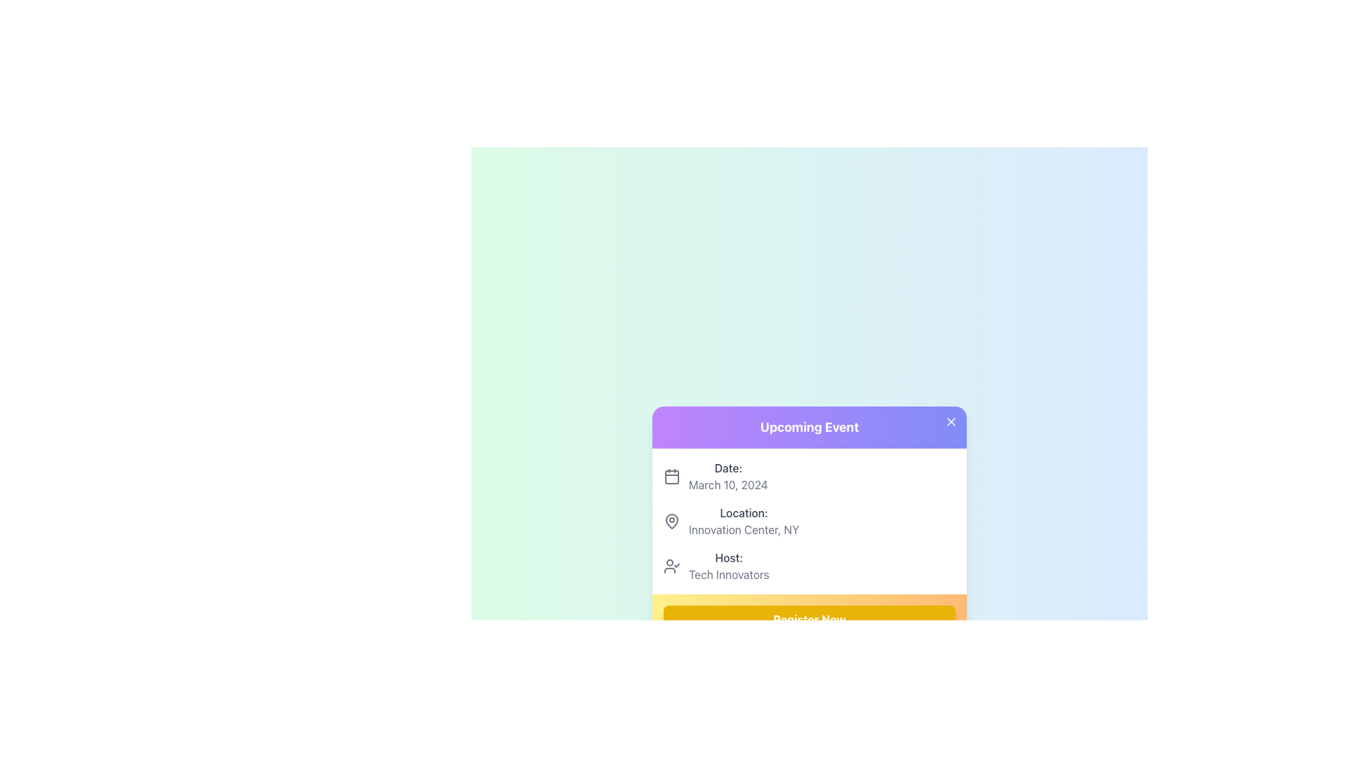 This screenshot has height=757, width=1347. What do you see at coordinates (671, 565) in the screenshot?
I see `the user profile icon with a checkmark located to the left of the text 'Host: Tech Innovators' in the Host section of the panel` at bounding box center [671, 565].